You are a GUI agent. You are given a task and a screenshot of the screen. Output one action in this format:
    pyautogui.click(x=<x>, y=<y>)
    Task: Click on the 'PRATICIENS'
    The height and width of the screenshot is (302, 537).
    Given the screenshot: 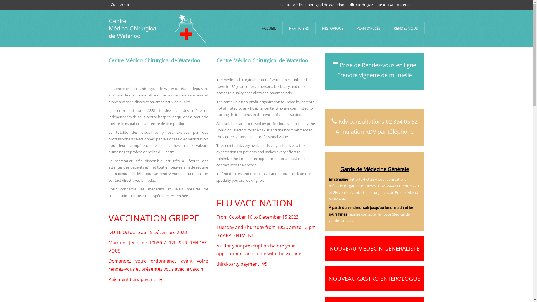 What is the action you would take?
    pyautogui.click(x=299, y=28)
    